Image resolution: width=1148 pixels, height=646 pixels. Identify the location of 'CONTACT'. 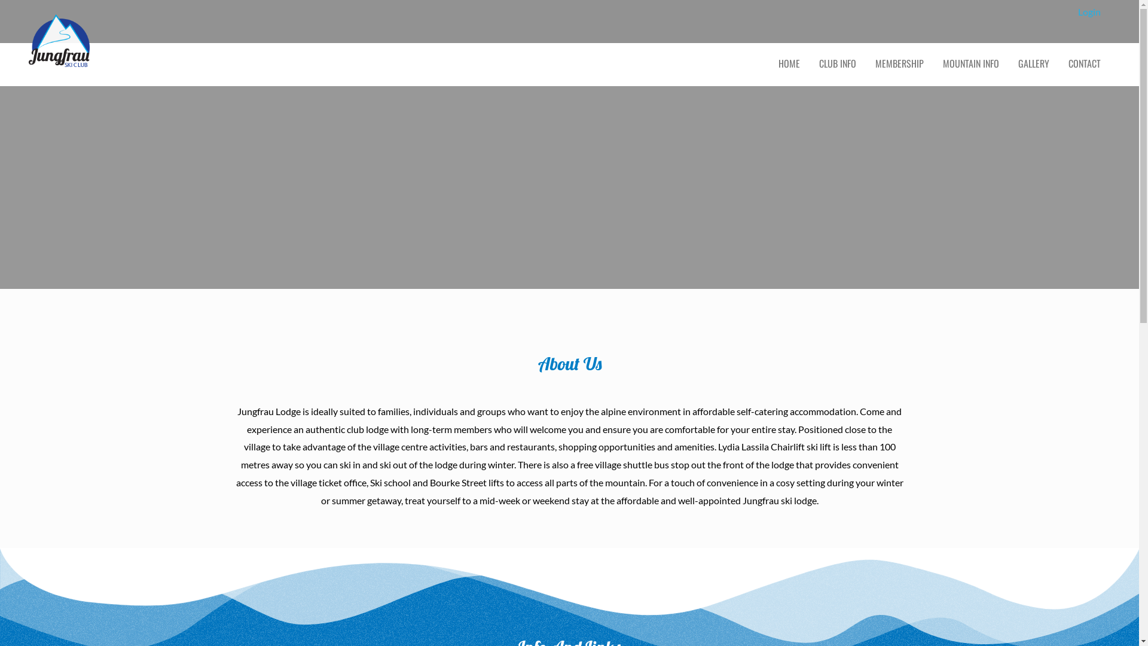
(1085, 63).